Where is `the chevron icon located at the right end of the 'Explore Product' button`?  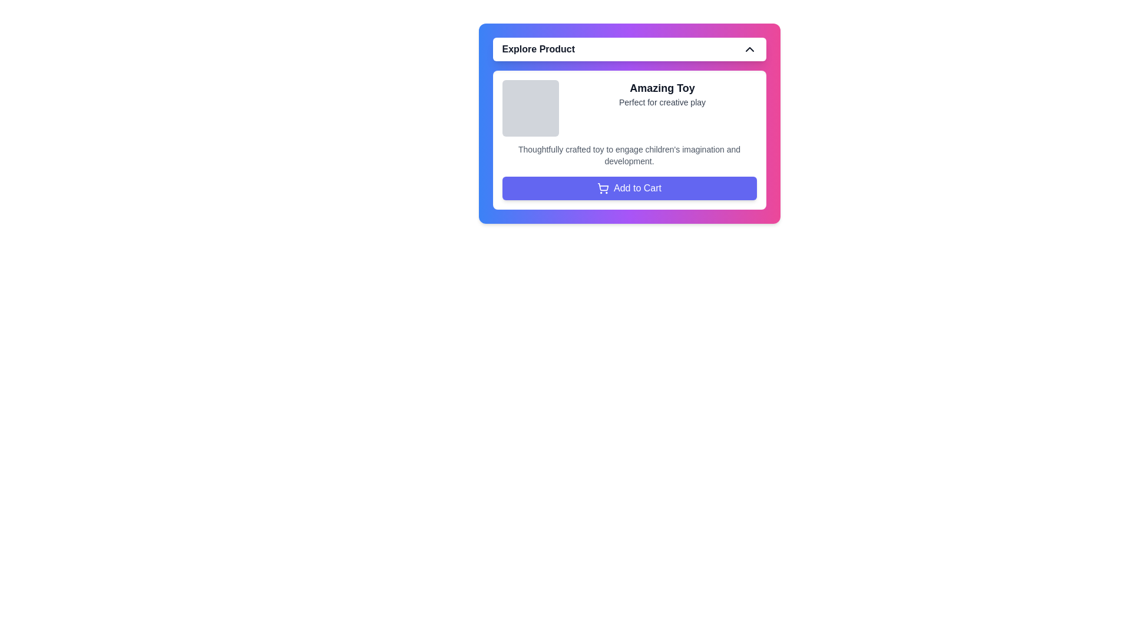
the chevron icon located at the right end of the 'Explore Product' button is located at coordinates (749, 49).